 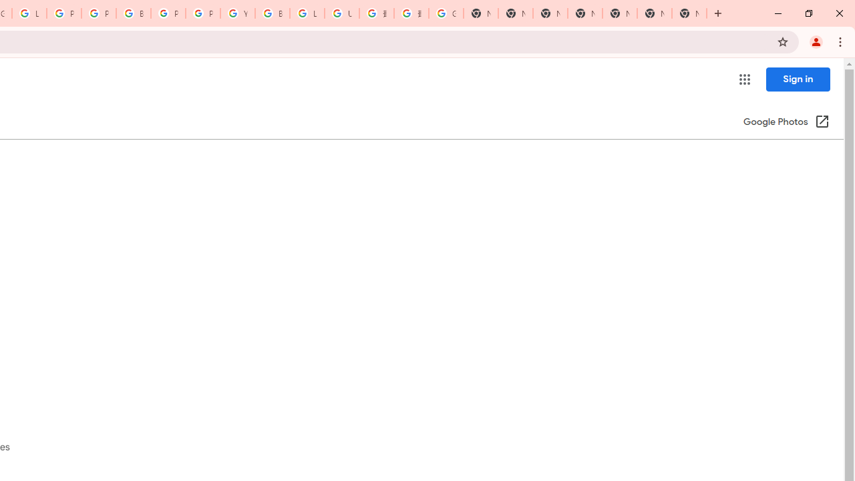 I want to click on 'Close', so click(x=838, y=13).